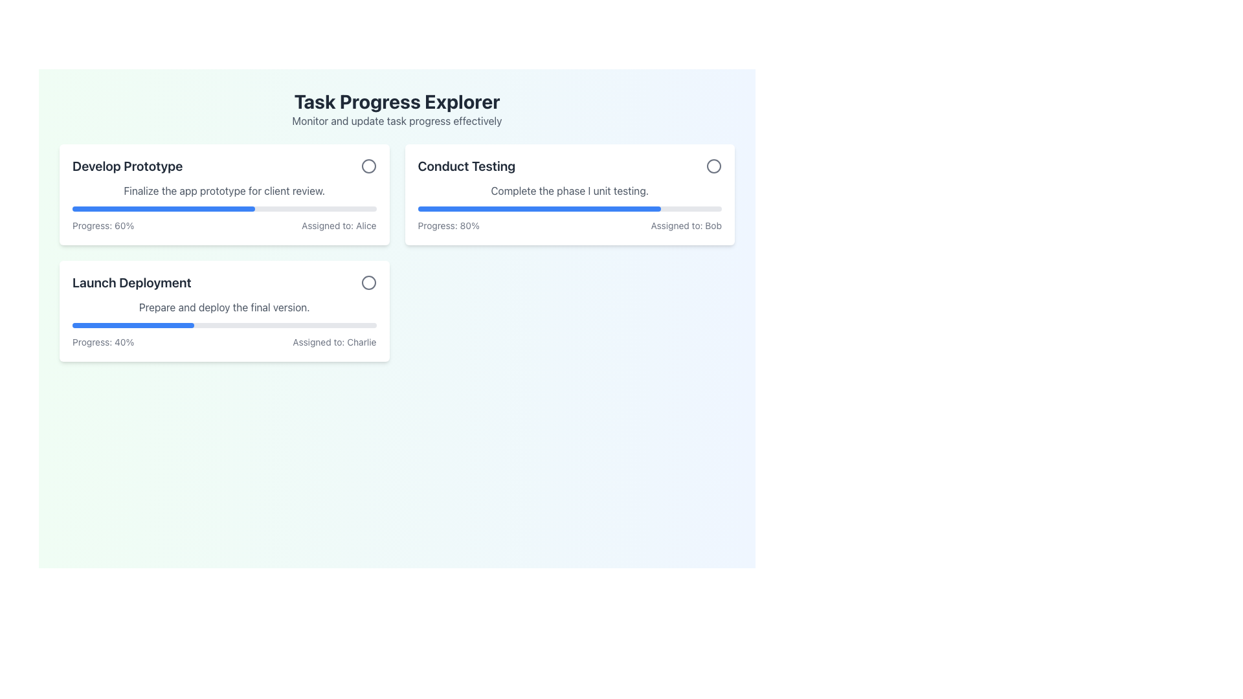  Describe the element at coordinates (224, 208) in the screenshot. I see `the progress bar located within the 'Develop Prototype' card, which indicates the completion percentage of the task, positioned between the text 'Finalize the app prototype for client review.' and 'Progress: 60% Assigned to: Alice'` at that location.